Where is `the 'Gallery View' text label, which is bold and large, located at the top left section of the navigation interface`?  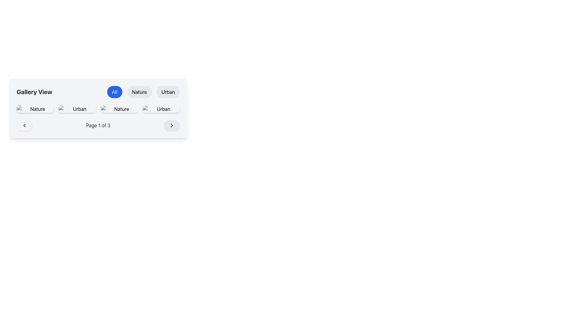 the 'Gallery View' text label, which is bold and large, located at the top left section of the navigation interface is located at coordinates (34, 92).